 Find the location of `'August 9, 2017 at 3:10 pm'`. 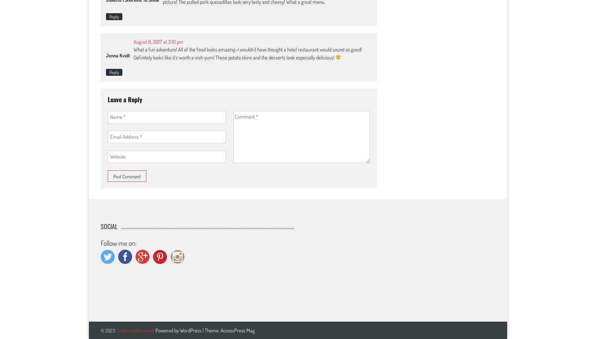

'August 9, 2017 at 3:10 pm' is located at coordinates (158, 41).